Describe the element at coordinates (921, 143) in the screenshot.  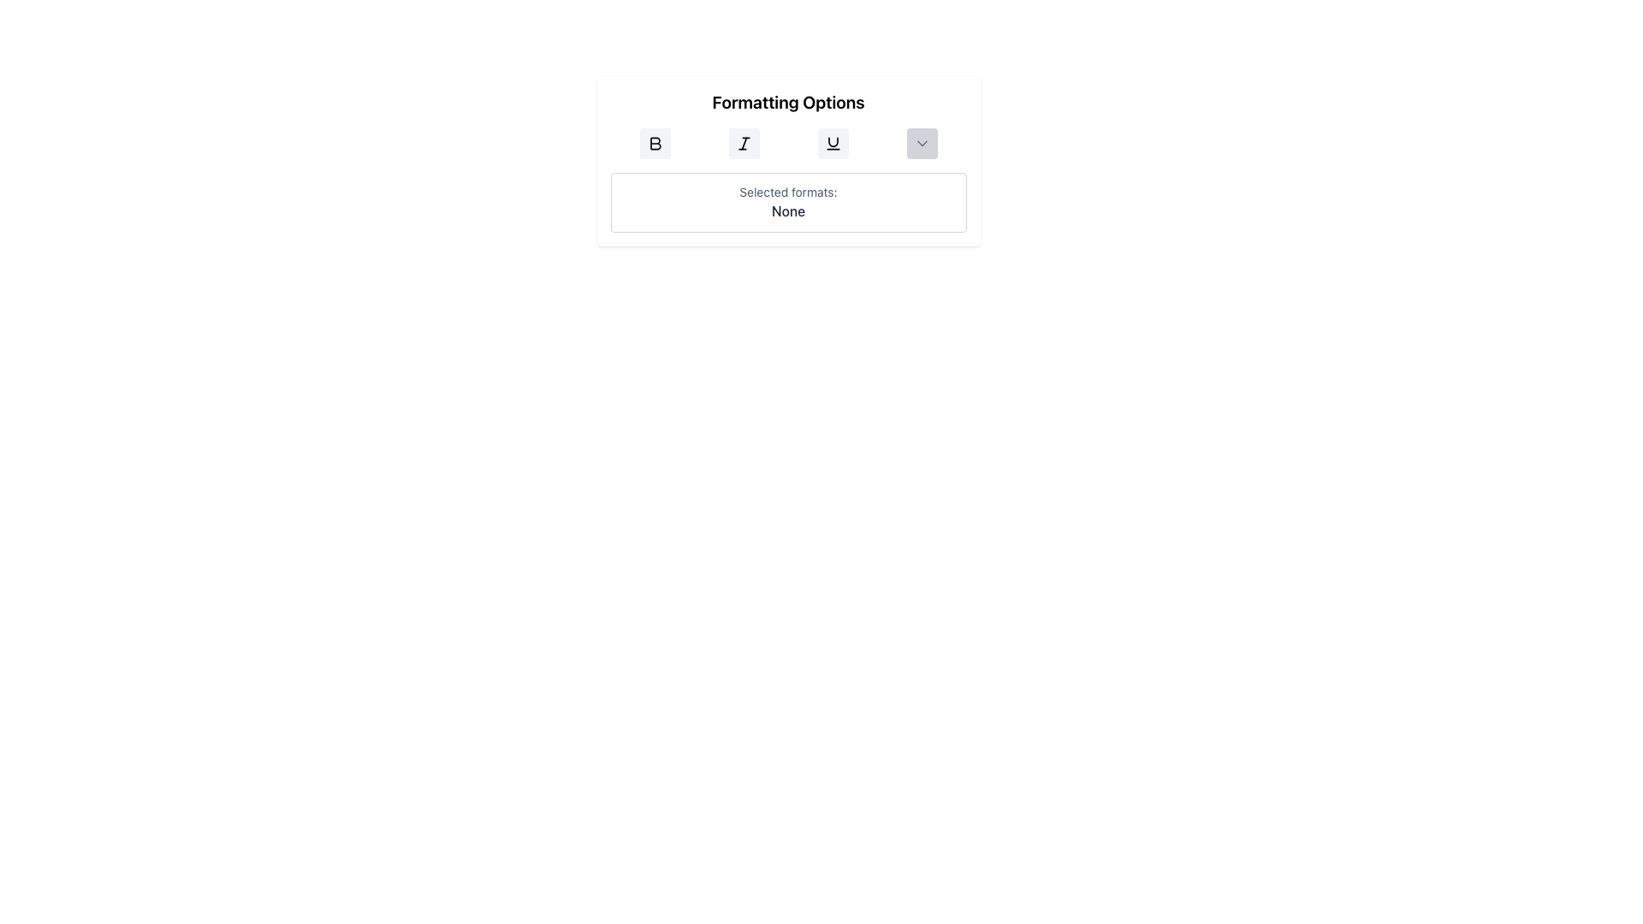
I see `the gray rounded button with a downward-facing chevron icon, which is the last button on the right in the horizontal group of formatting controls, indicating inactive dropdown behavior` at that location.